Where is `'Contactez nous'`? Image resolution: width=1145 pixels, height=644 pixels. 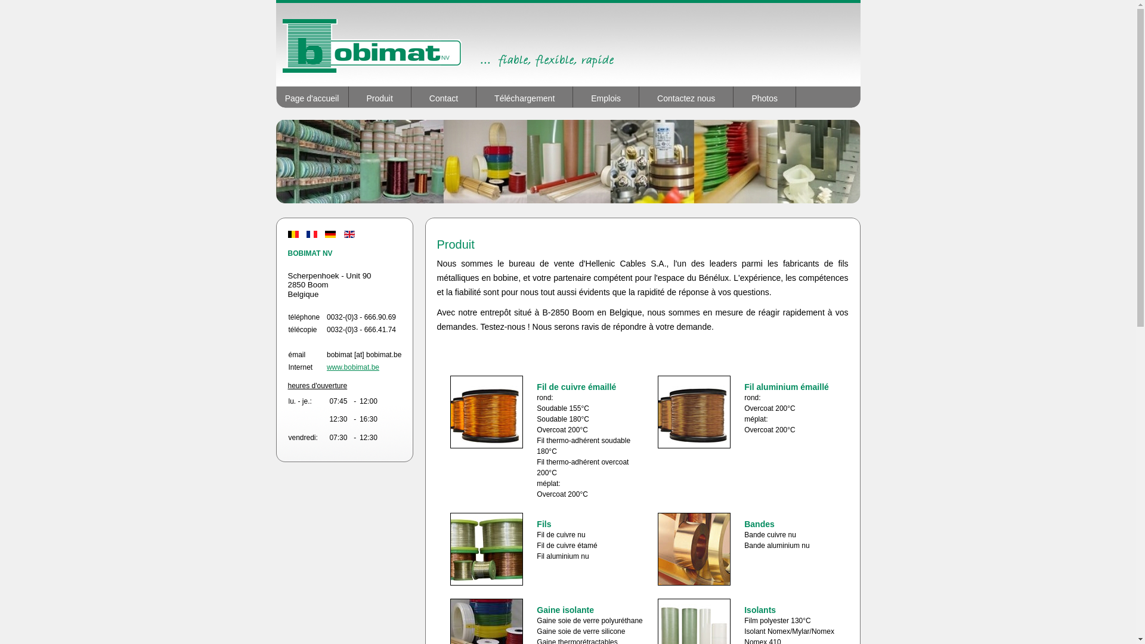
'Contactez nous' is located at coordinates (686, 96).